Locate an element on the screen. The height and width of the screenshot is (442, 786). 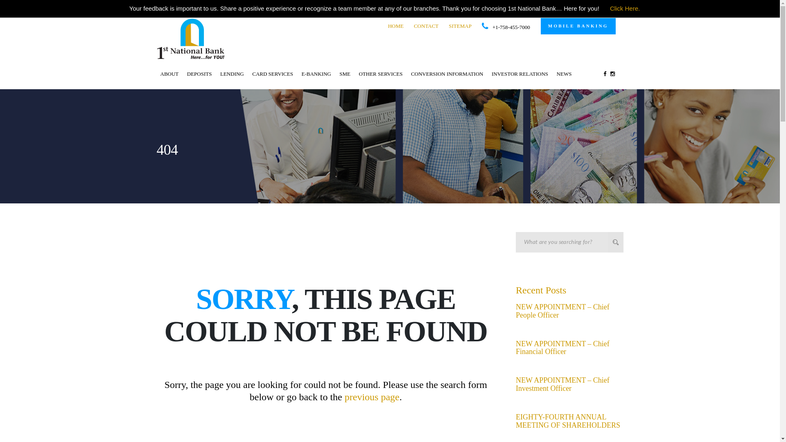
'CARD SERVICES' is located at coordinates (273, 74).